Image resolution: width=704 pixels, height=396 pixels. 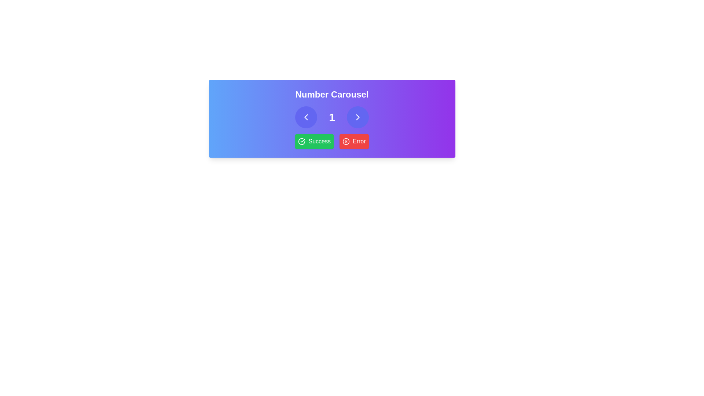 I want to click on the green 'Success' button with a checkmark icon located below the 'Number Carousel' title, so click(x=314, y=141).